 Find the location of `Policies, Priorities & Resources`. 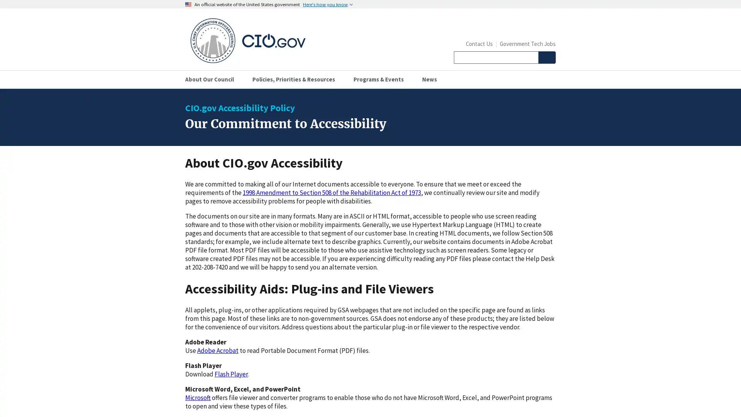

Policies, Priorities & Resources is located at coordinates (296, 79).